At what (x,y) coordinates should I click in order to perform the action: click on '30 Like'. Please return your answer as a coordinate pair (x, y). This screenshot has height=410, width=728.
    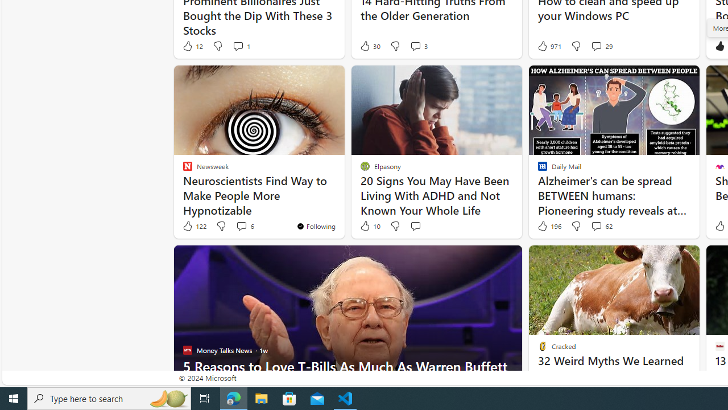
    Looking at the image, I should click on (370, 46).